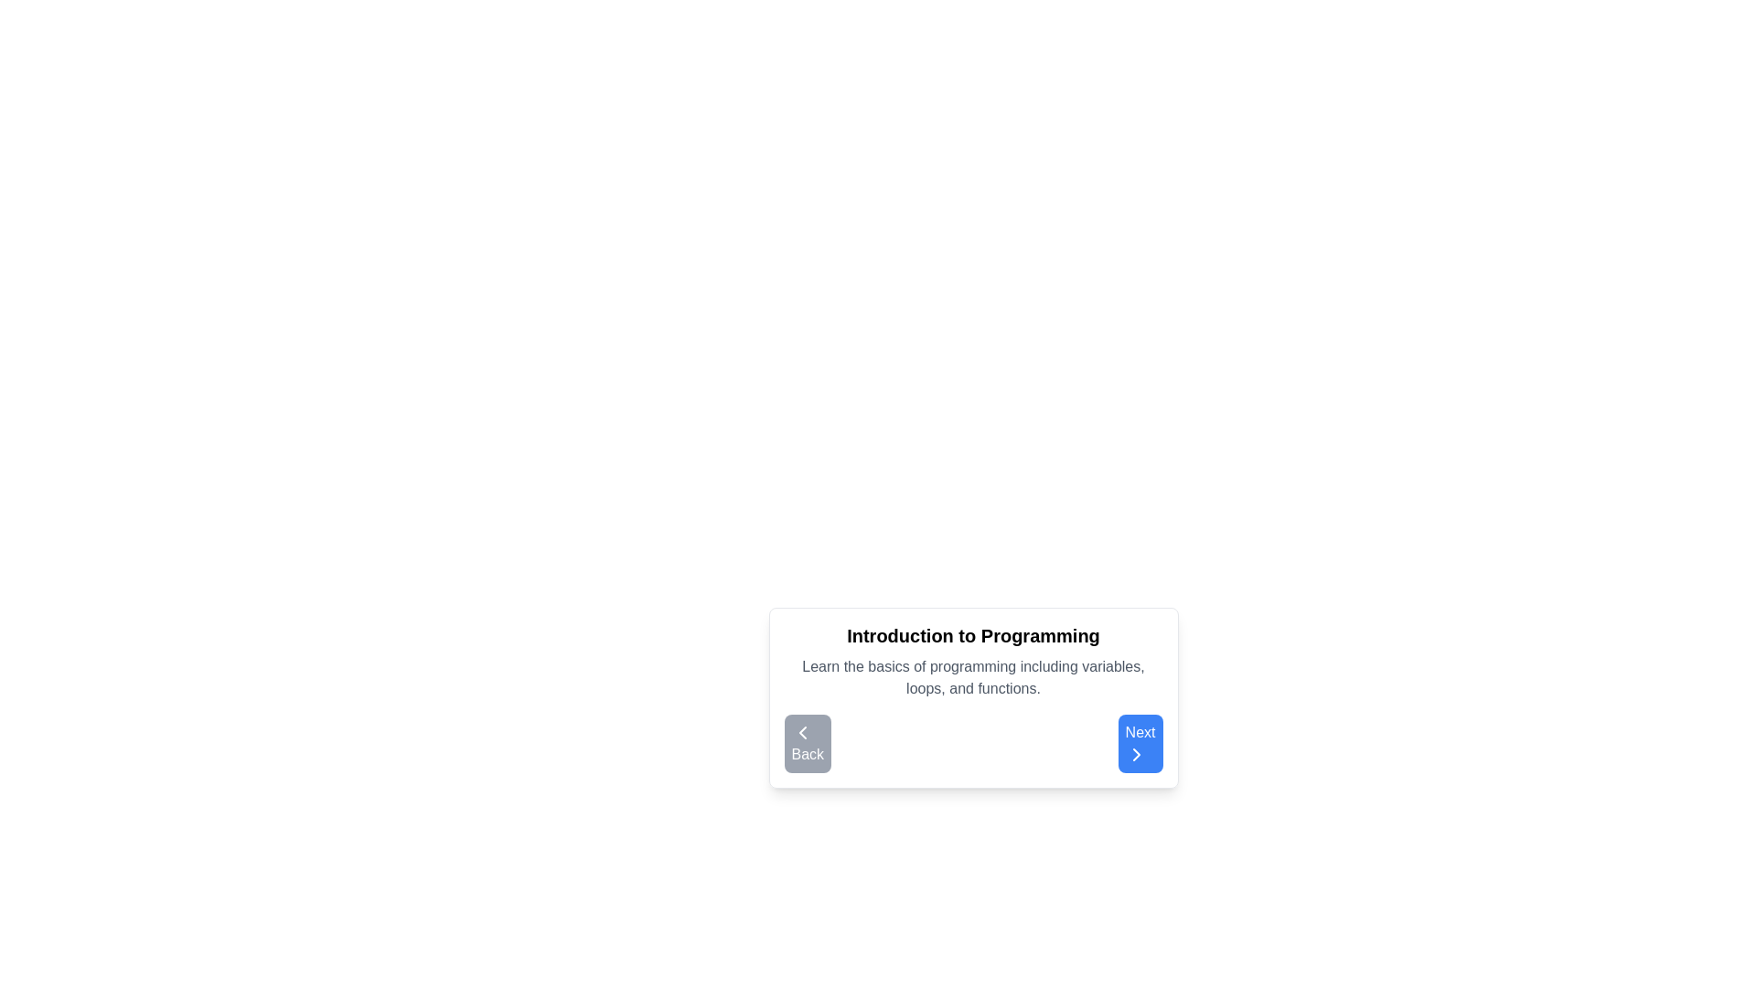 The height and width of the screenshot is (987, 1756). What do you see at coordinates (802, 732) in the screenshot?
I see `the leftward-facing chevron symbol in the 'Back' button, which is located on the far left of the dialog box containing 'Introduction to Programming.'` at bounding box center [802, 732].